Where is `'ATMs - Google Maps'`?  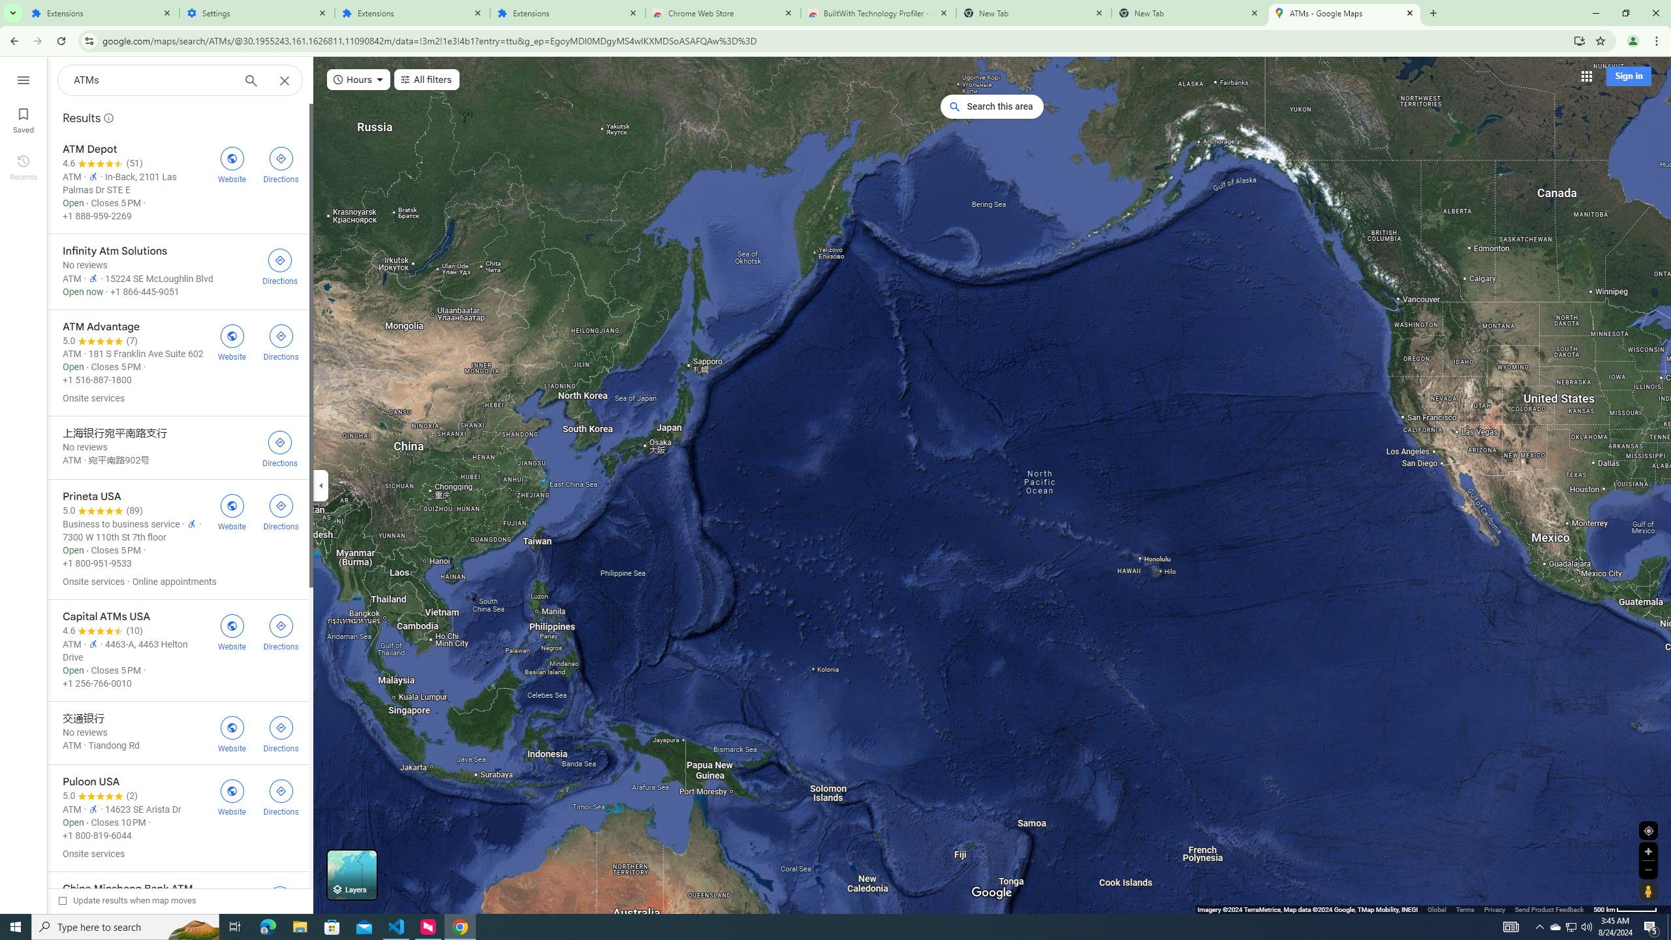 'ATMs - Google Maps' is located at coordinates (1344, 12).